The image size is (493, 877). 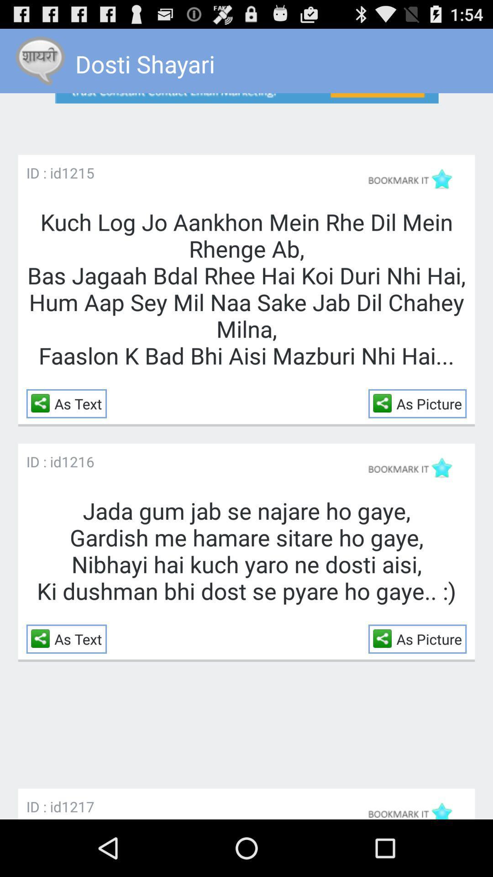 What do you see at coordinates (77, 173) in the screenshot?
I see `the icon above kuch log jo` at bounding box center [77, 173].